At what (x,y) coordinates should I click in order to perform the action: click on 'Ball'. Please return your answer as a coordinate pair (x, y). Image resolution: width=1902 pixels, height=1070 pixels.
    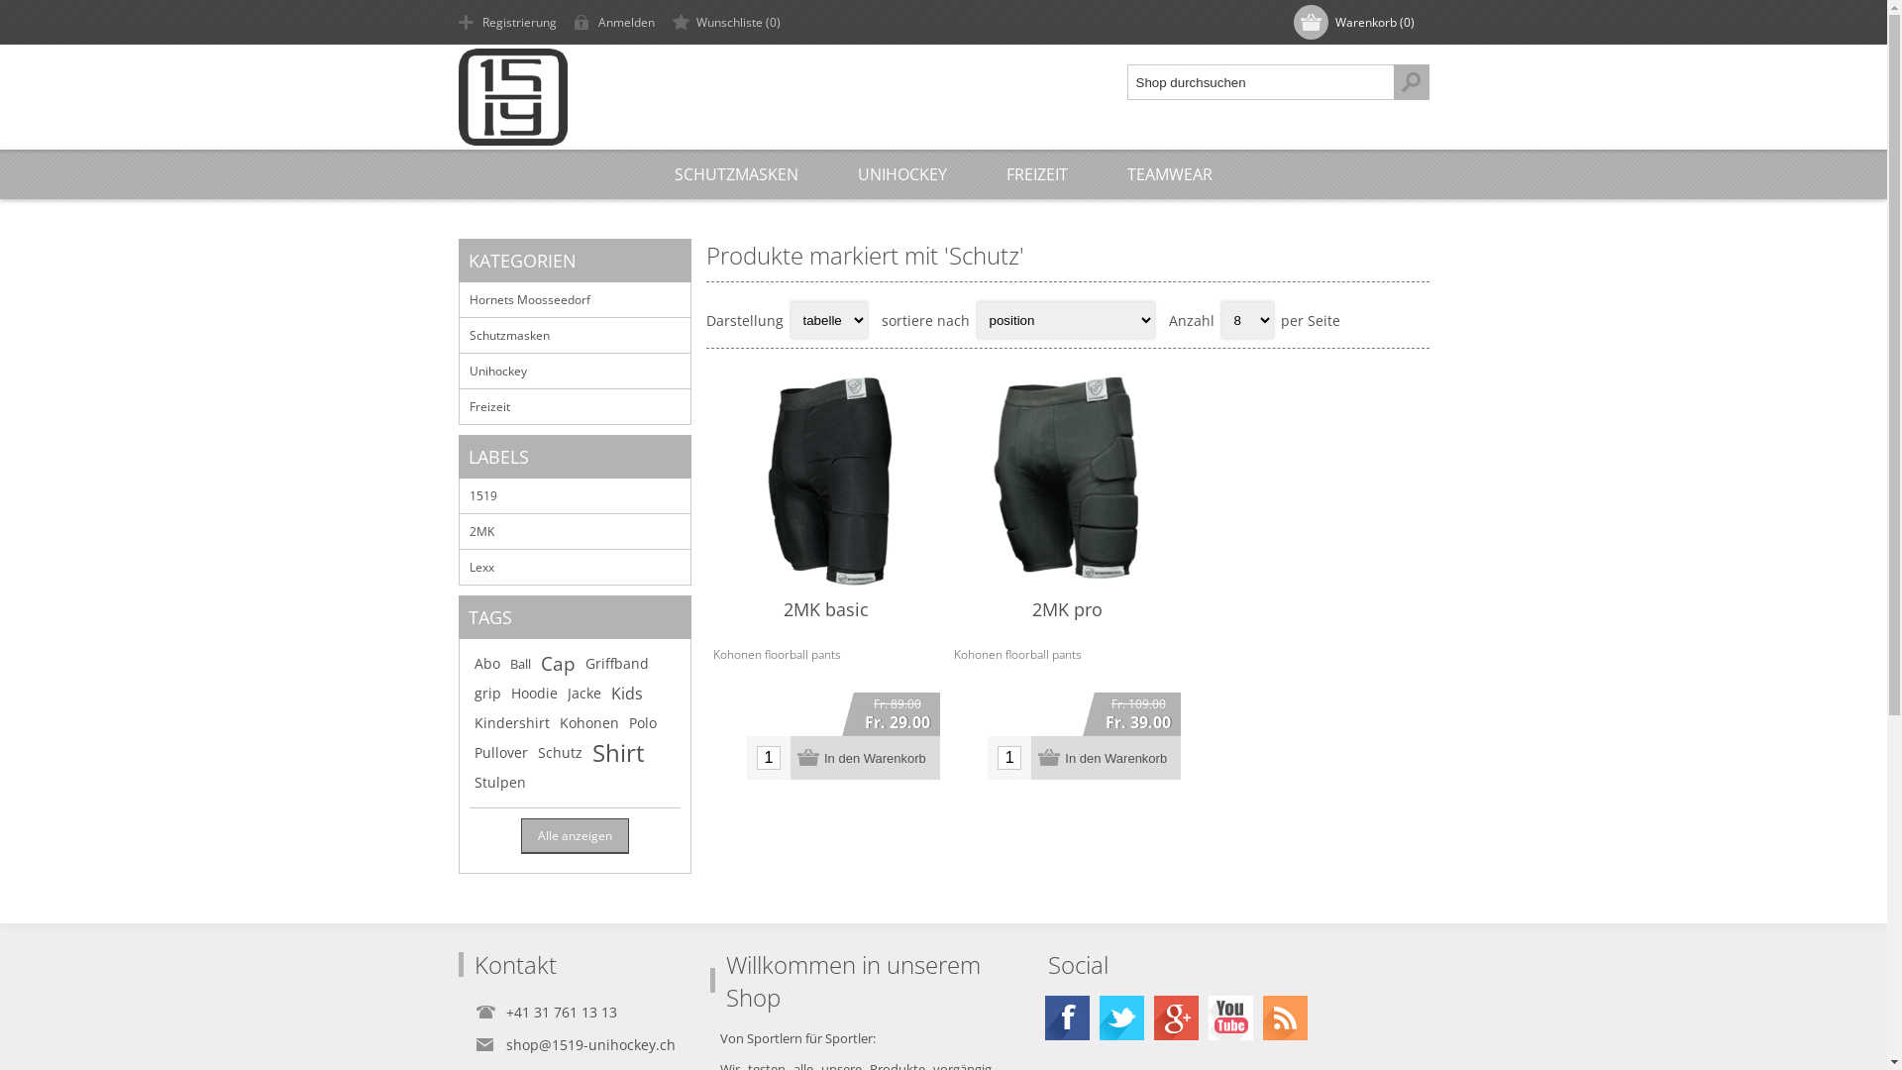
    Looking at the image, I should click on (519, 664).